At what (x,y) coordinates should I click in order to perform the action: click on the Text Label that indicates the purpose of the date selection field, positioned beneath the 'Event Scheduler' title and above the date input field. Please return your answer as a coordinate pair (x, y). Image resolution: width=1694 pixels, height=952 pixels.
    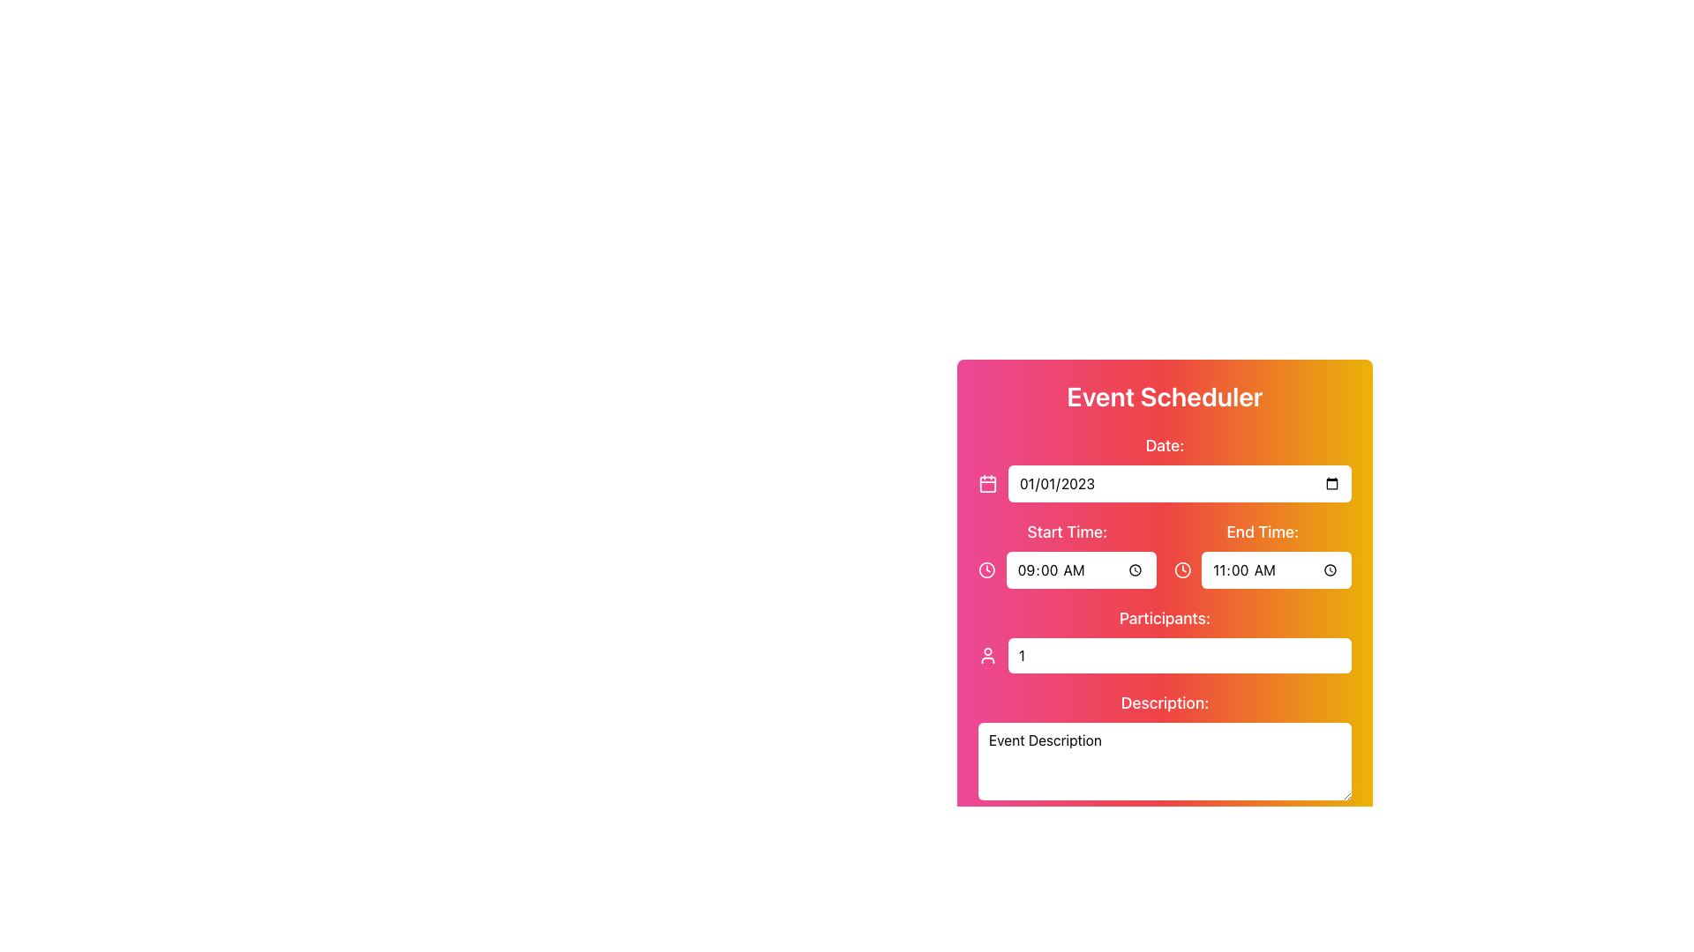
    Looking at the image, I should click on (1165, 444).